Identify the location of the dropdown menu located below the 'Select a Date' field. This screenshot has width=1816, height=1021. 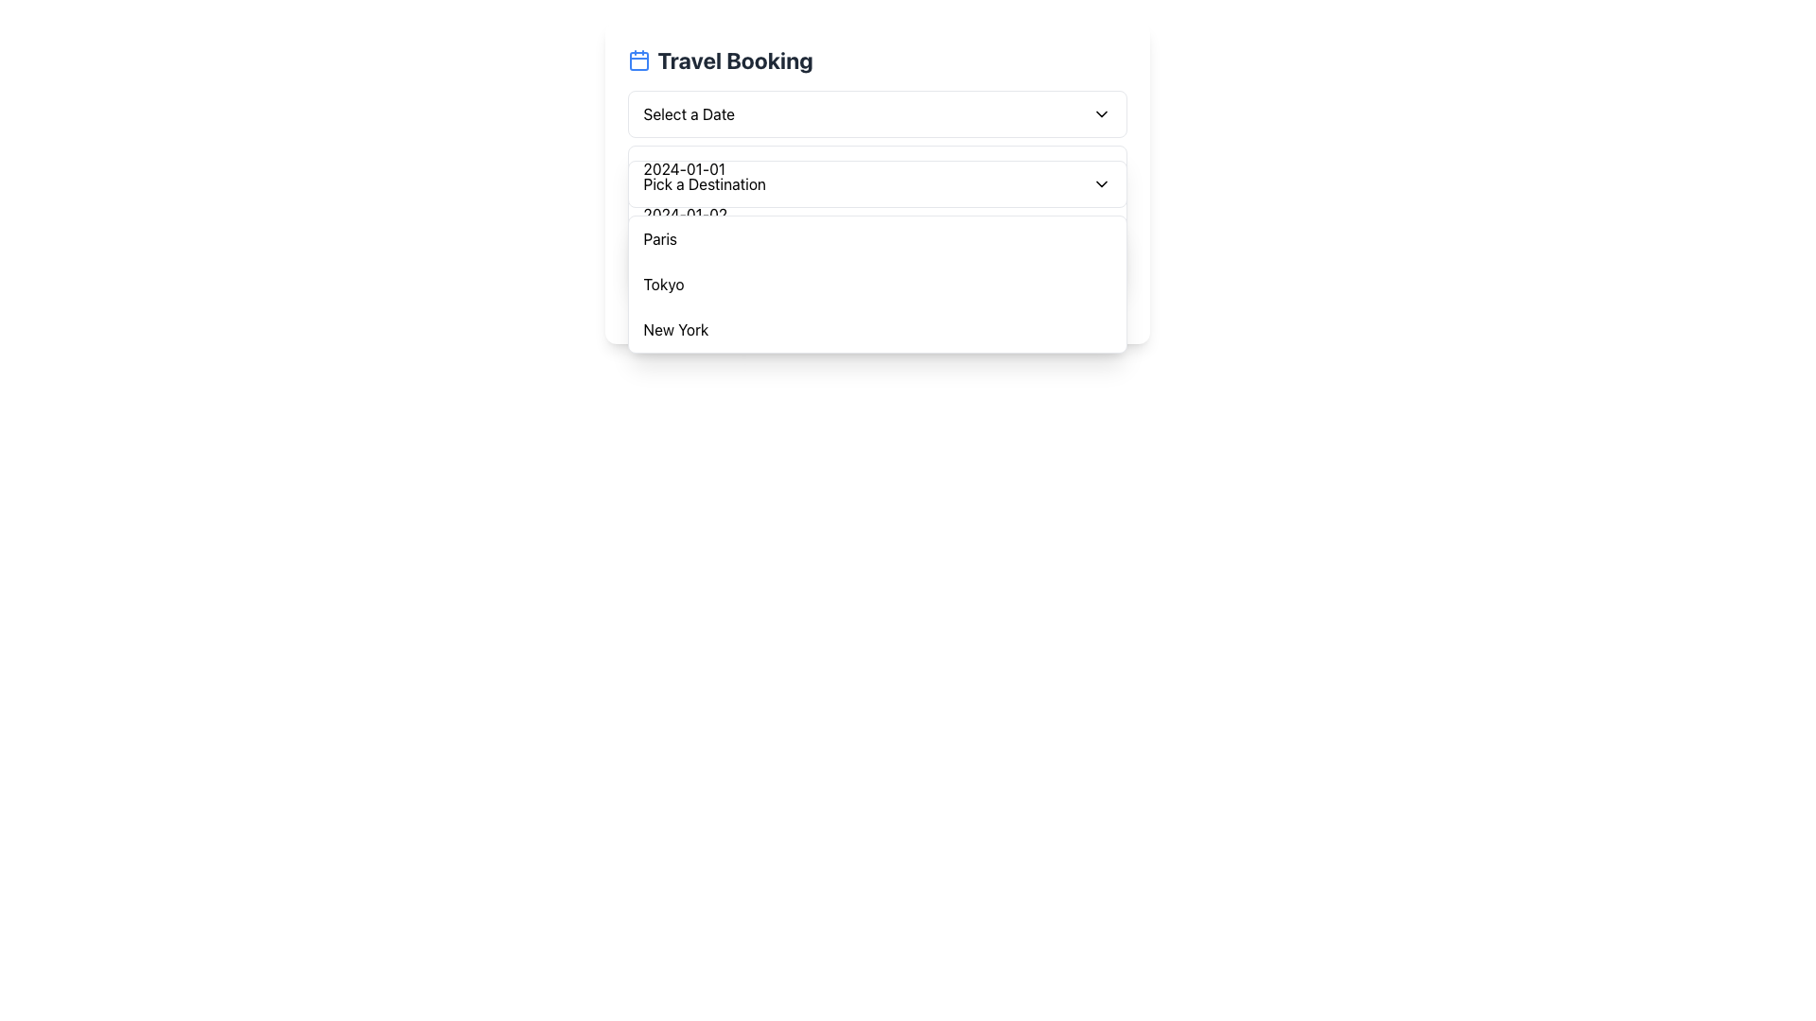
(876, 214).